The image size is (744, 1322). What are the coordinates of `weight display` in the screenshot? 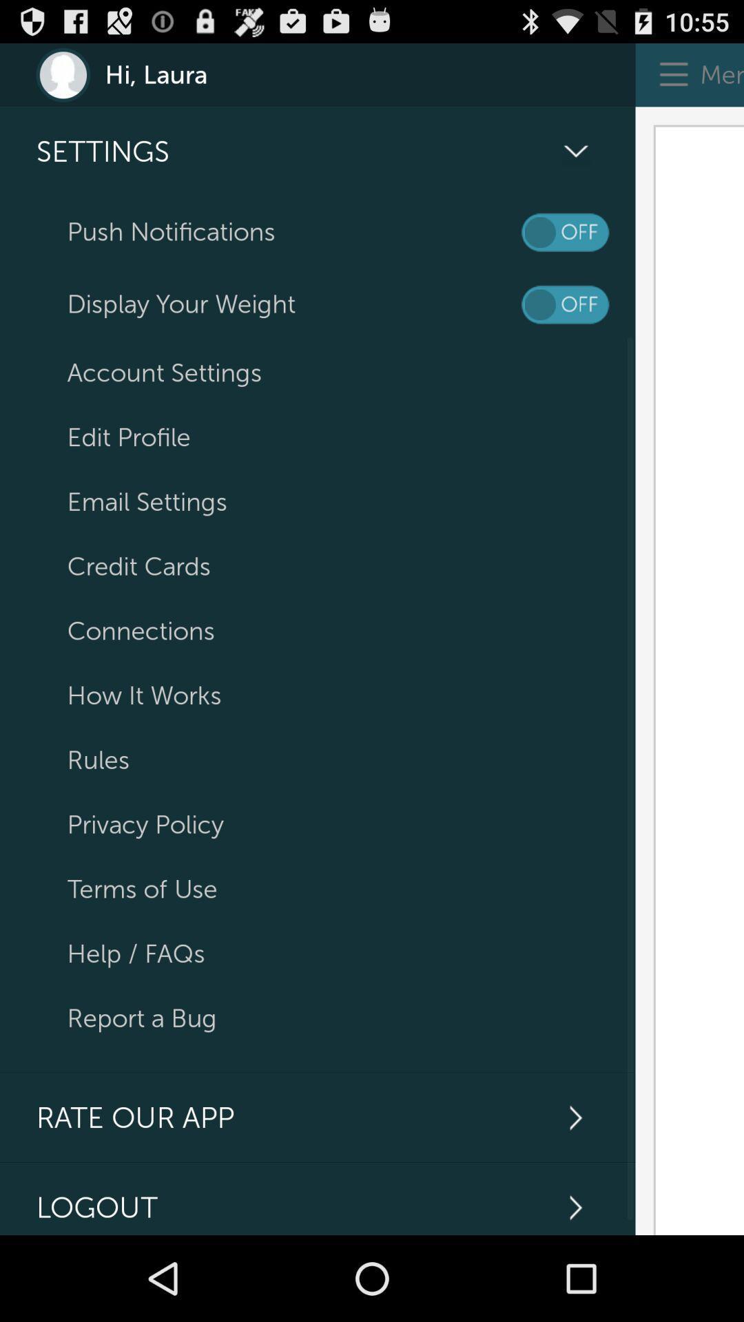 It's located at (565, 304).